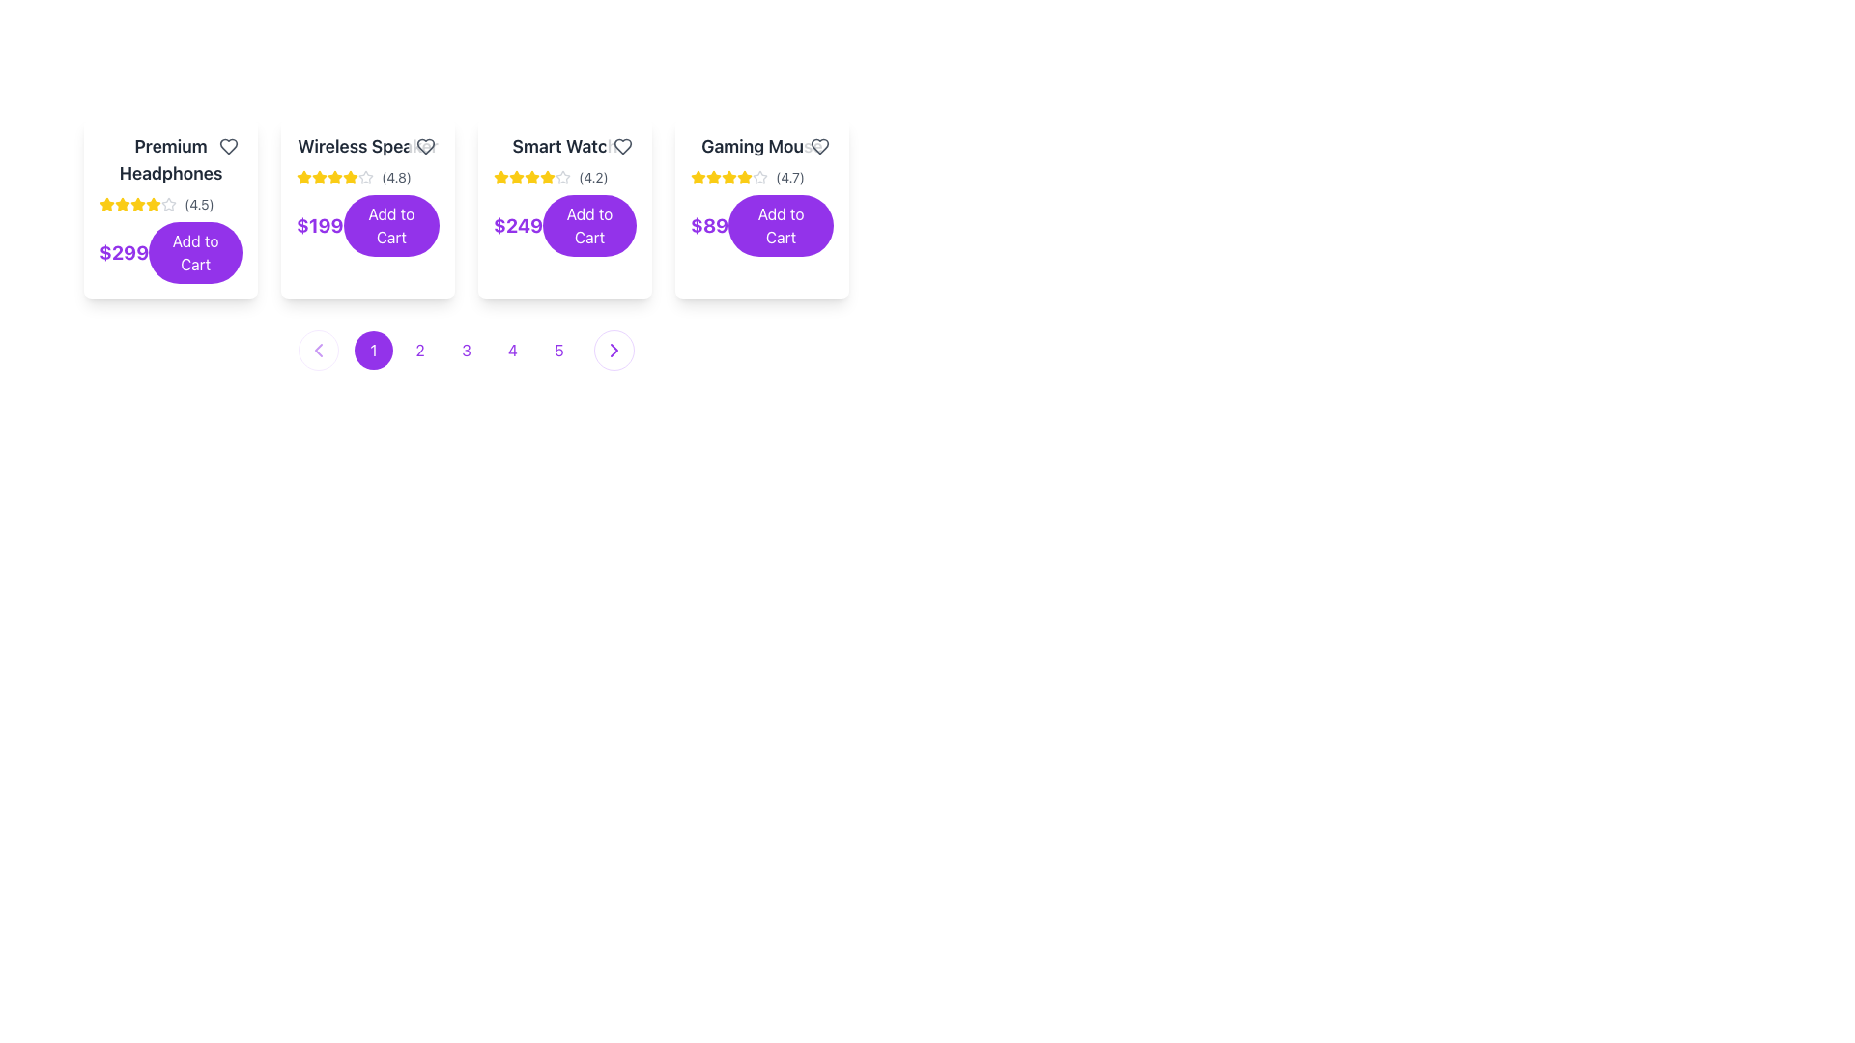 The image size is (1855, 1043). Describe the element at coordinates (532, 178) in the screenshot. I see `the fourth star icon to rate the 'Smart Watch' product in the five-star rating system` at that location.